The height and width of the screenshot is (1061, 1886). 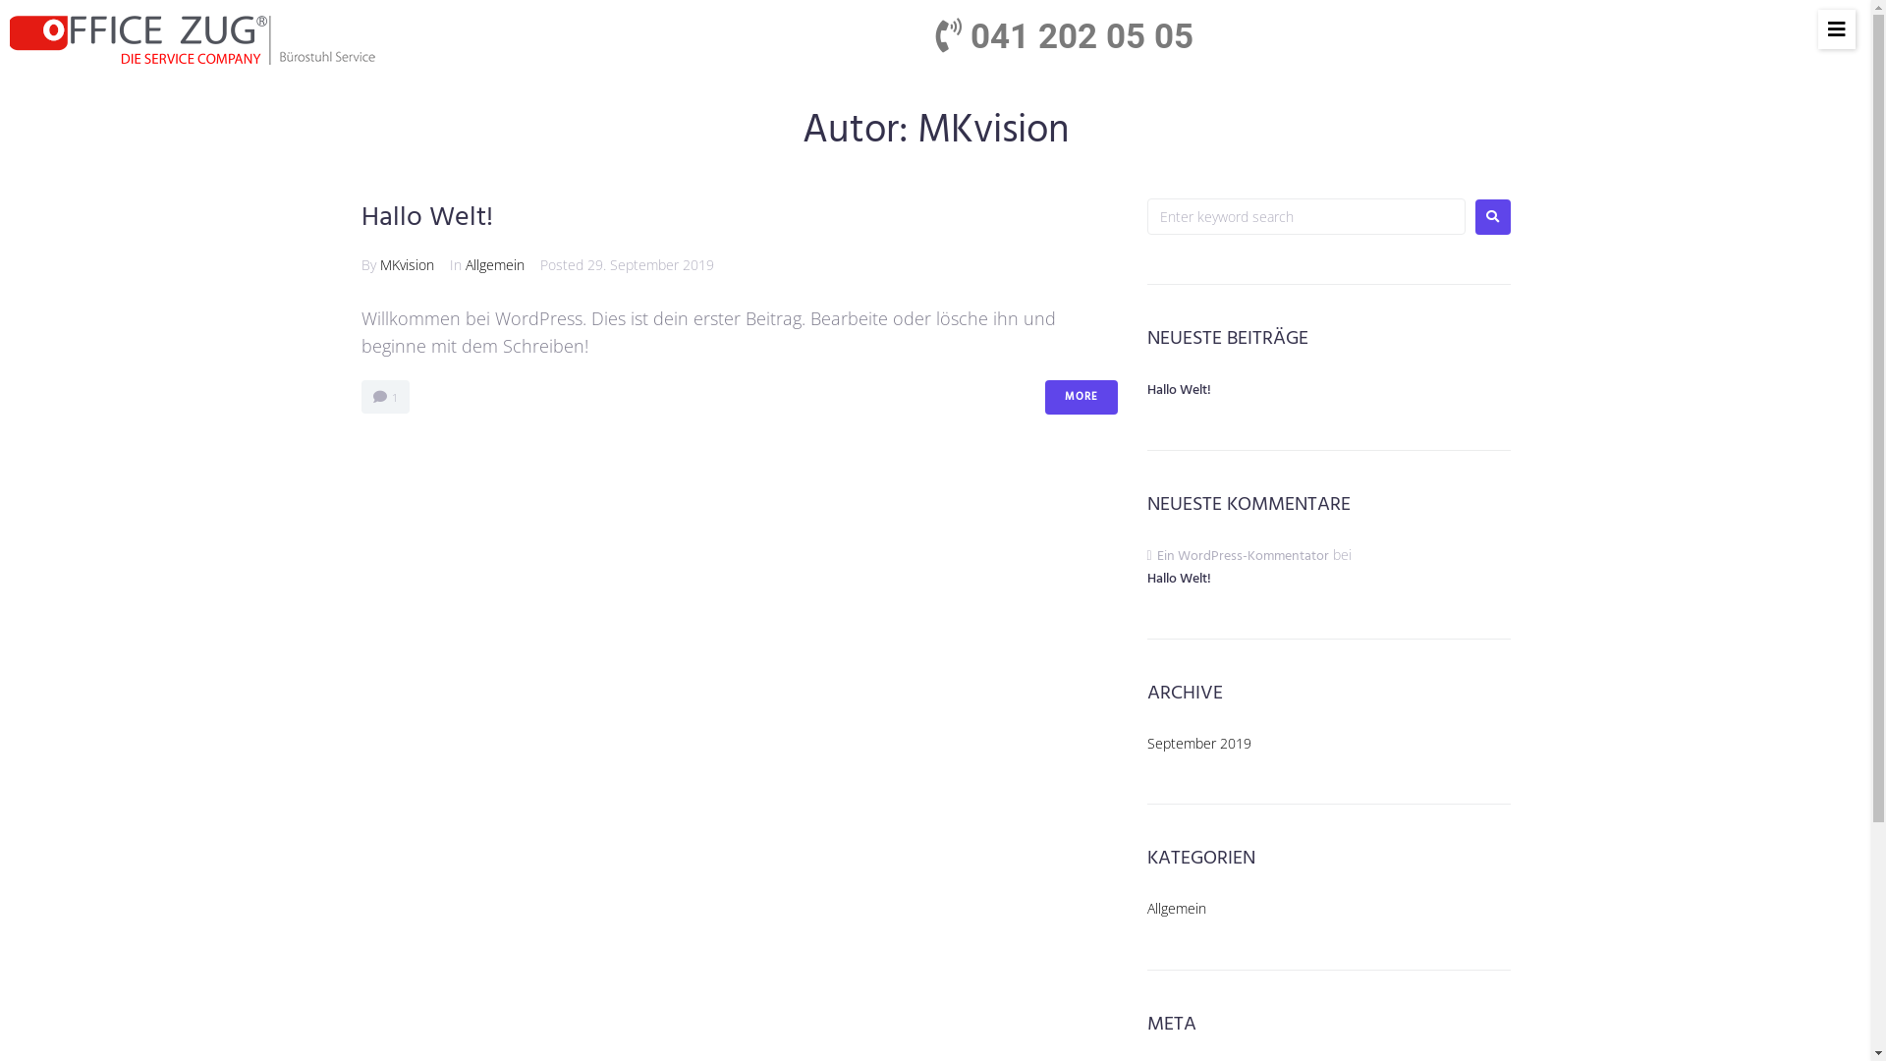 I want to click on 'MORE', so click(x=1044, y=397).